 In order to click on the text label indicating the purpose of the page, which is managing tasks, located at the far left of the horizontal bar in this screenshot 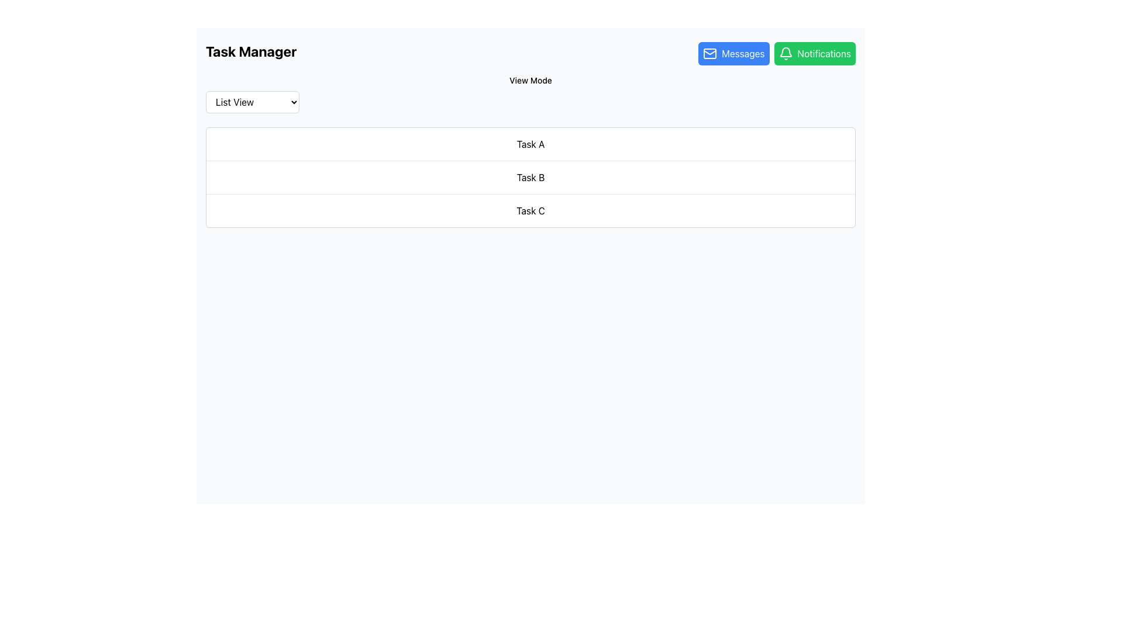, I will do `click(250, 54)`.